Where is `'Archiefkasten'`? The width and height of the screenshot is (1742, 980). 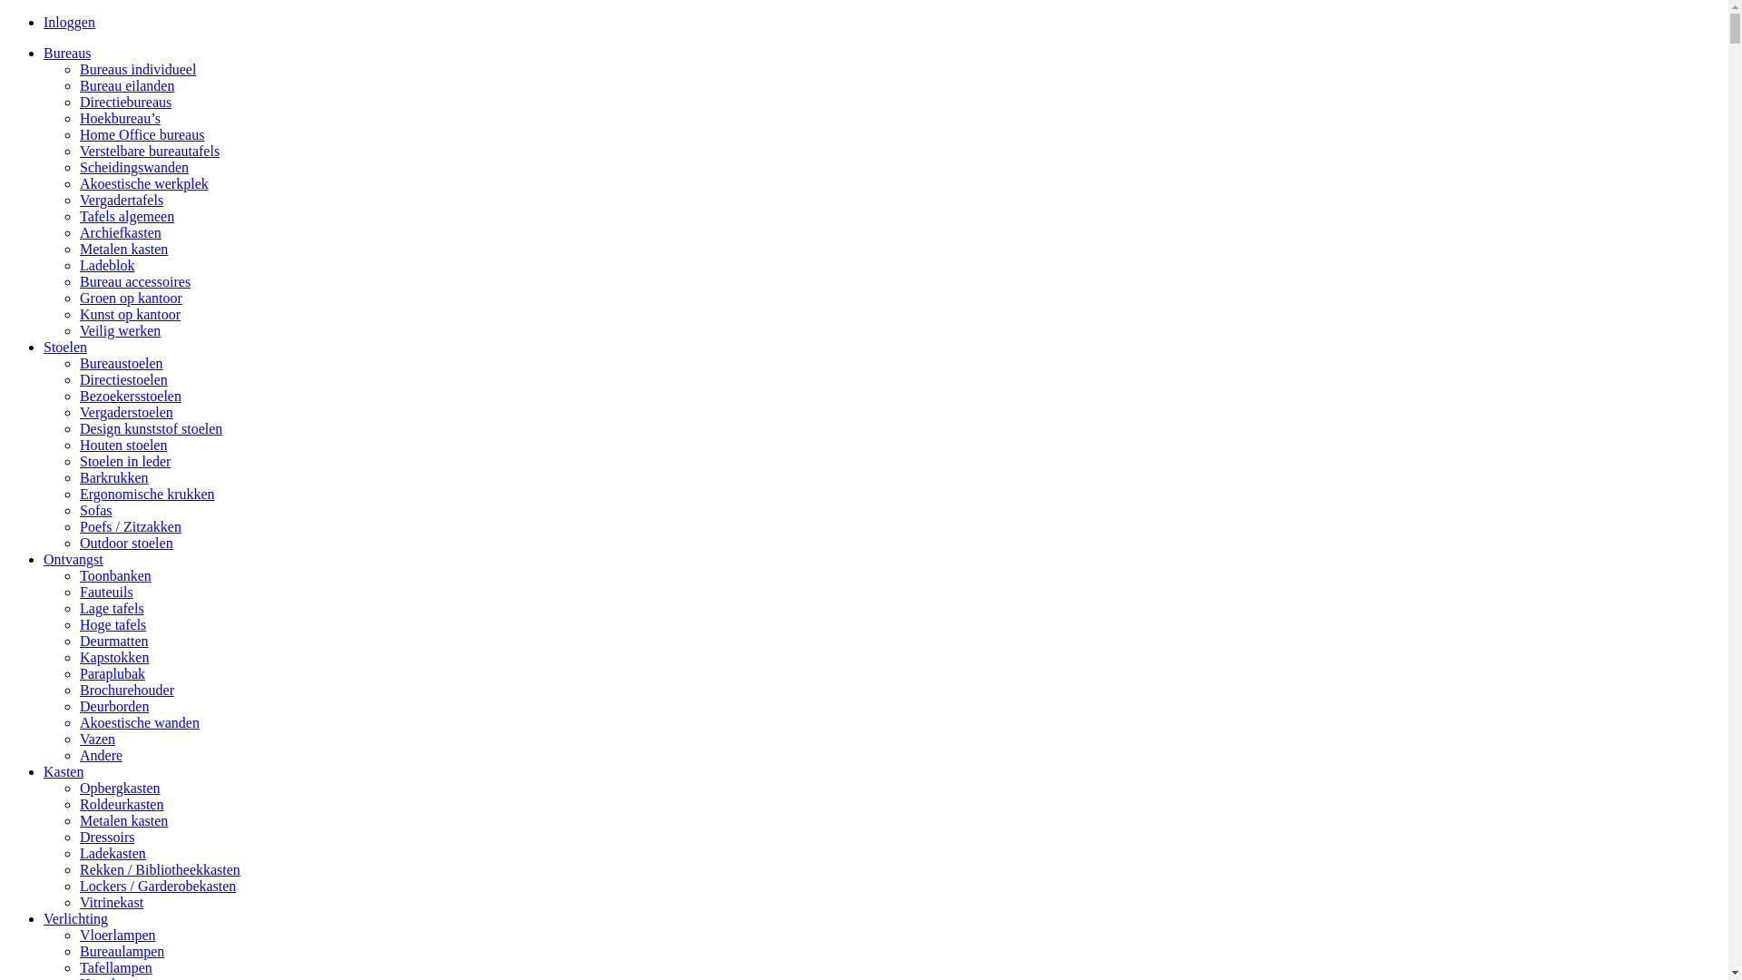
'Archiefkasten' is located at coordinates (78, 231).